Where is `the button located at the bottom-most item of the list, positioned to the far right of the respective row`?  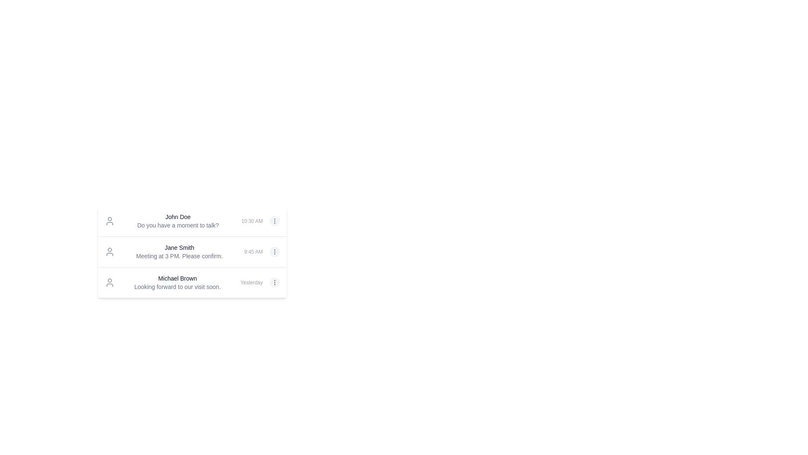 the button located at the bottom-most item of the list, positioned to the far right of the respective row is located at coordinates (274, 283).